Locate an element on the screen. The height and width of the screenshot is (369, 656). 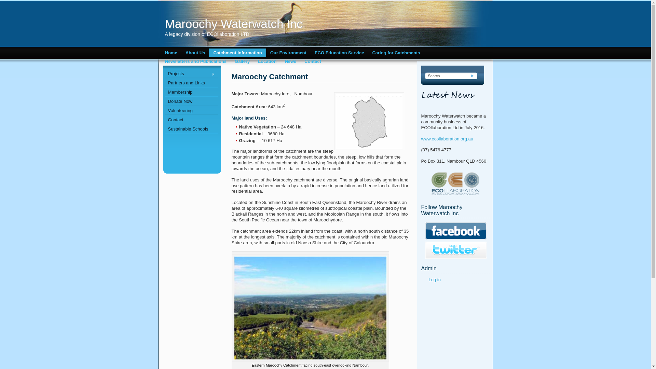
'Home' is located at coordinates (170, 52).